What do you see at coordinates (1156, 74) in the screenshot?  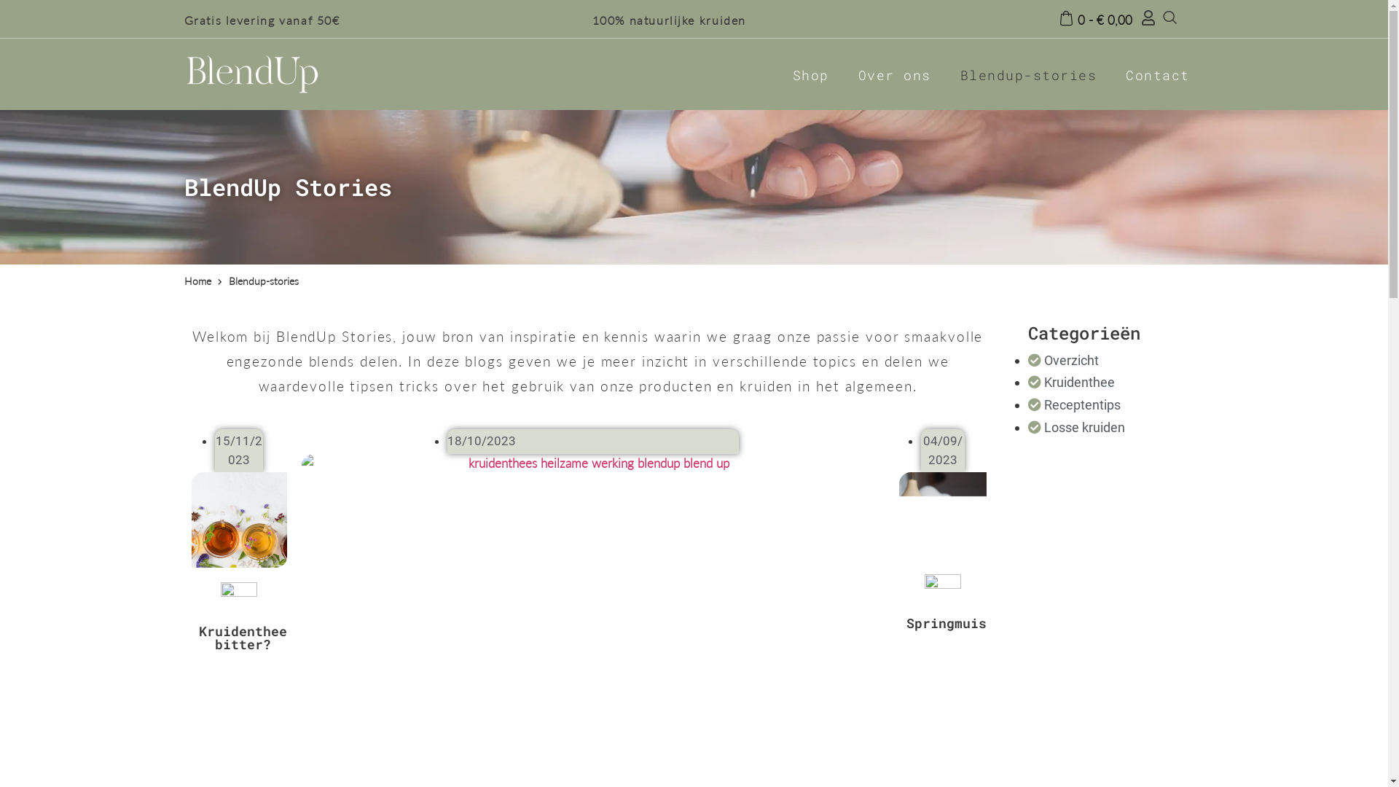 I see `'Contact'` at bounding box center [1156, 74].